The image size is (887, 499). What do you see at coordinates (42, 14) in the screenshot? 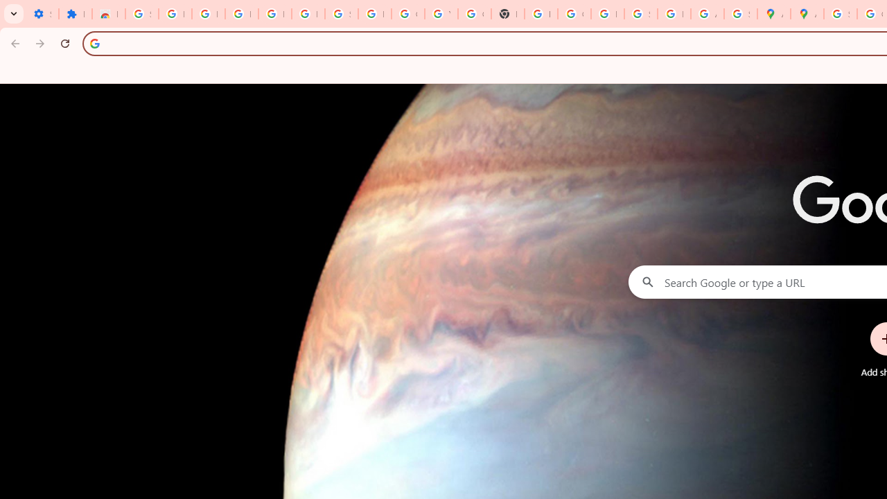
I see `'Settings - On startup'` at bounding box center [42, 14].